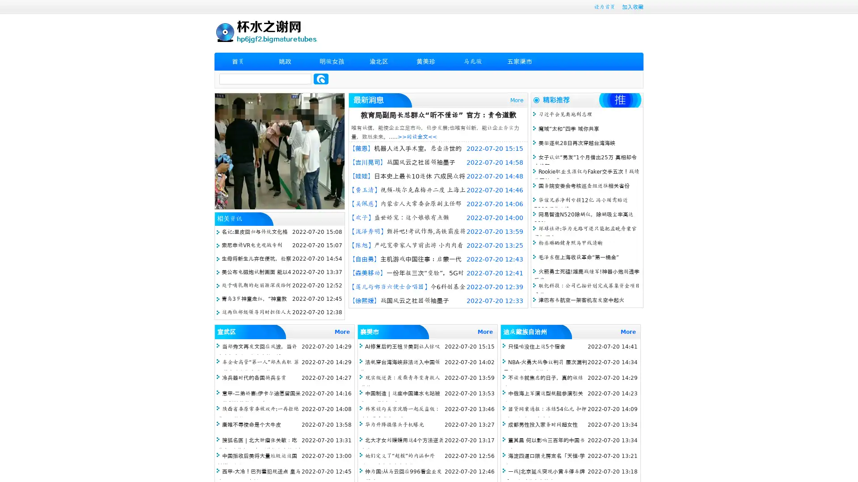  I want to click on Search, so click(321, 79).